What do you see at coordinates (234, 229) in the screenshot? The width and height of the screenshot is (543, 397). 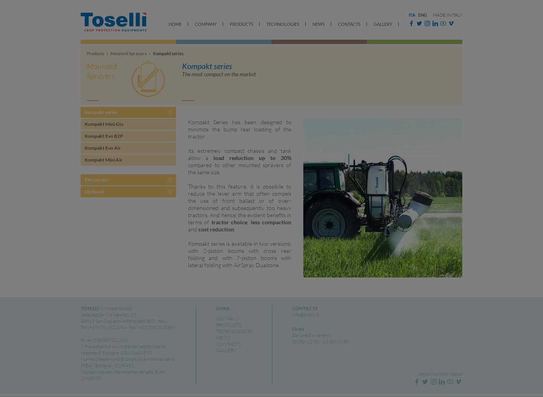 I see `'.'` at bounding box center [234, 229].